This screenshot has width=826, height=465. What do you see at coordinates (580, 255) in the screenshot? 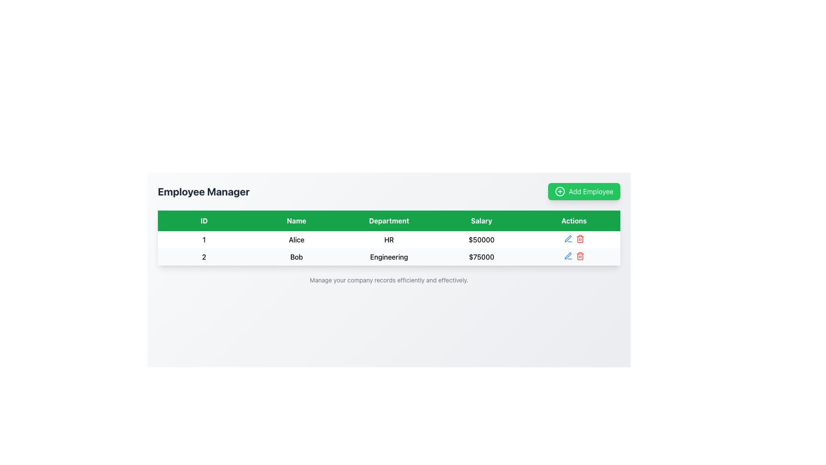
I see `the delete icon button located in the 'Actions' column of the second row in the table to change its color` at bounding box center [580, 255].